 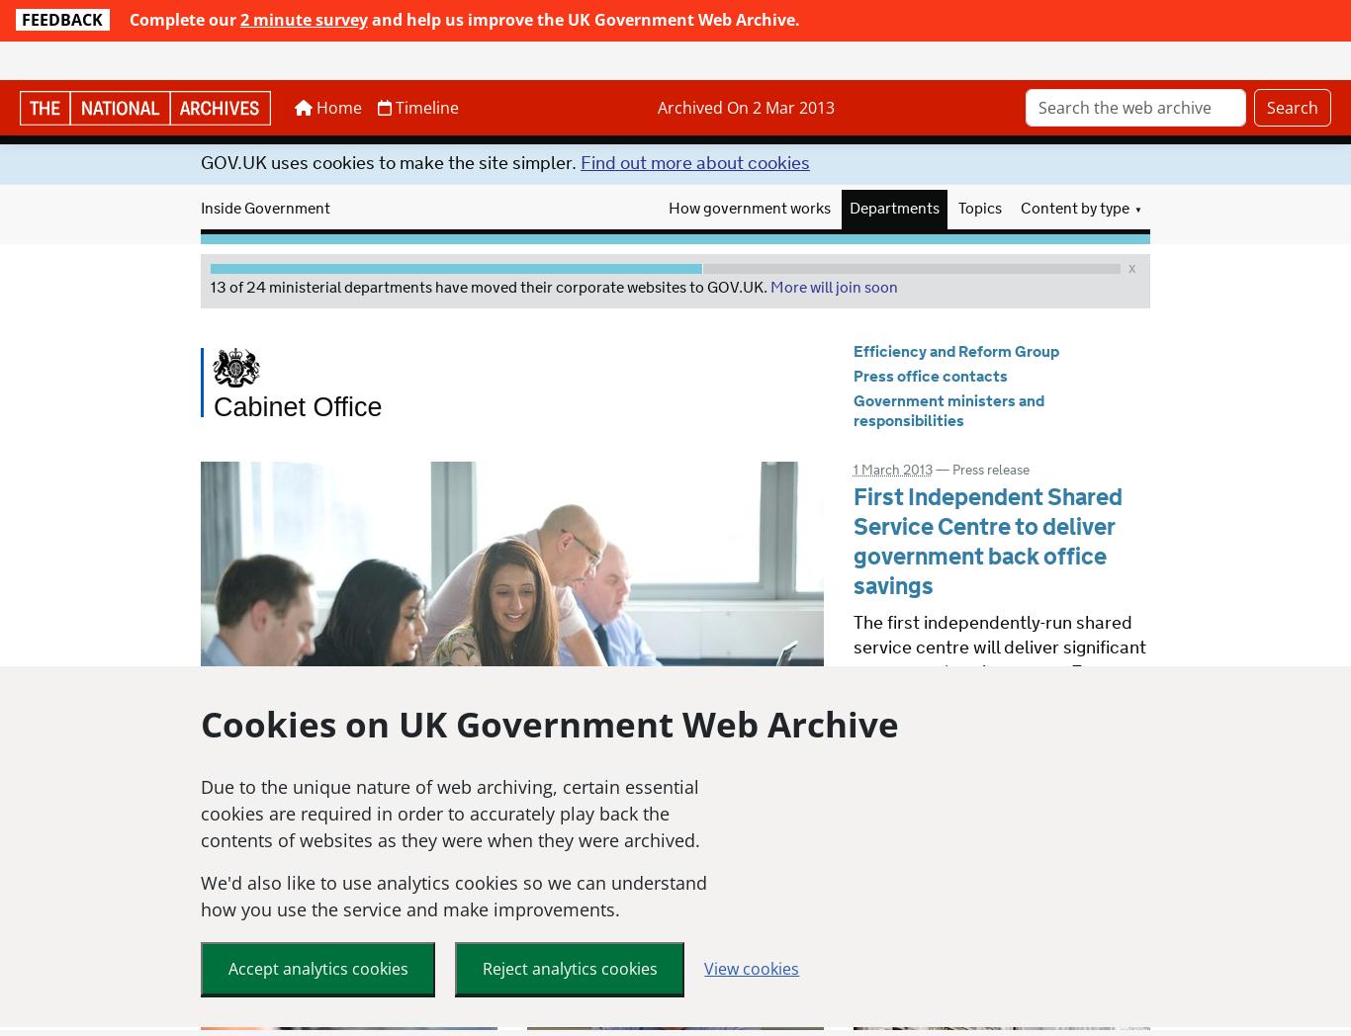 What do you see at coordinates (568, 929) in the screenshot?
I see `'Reject analytics cookies'` at bounding box center [568, 929].